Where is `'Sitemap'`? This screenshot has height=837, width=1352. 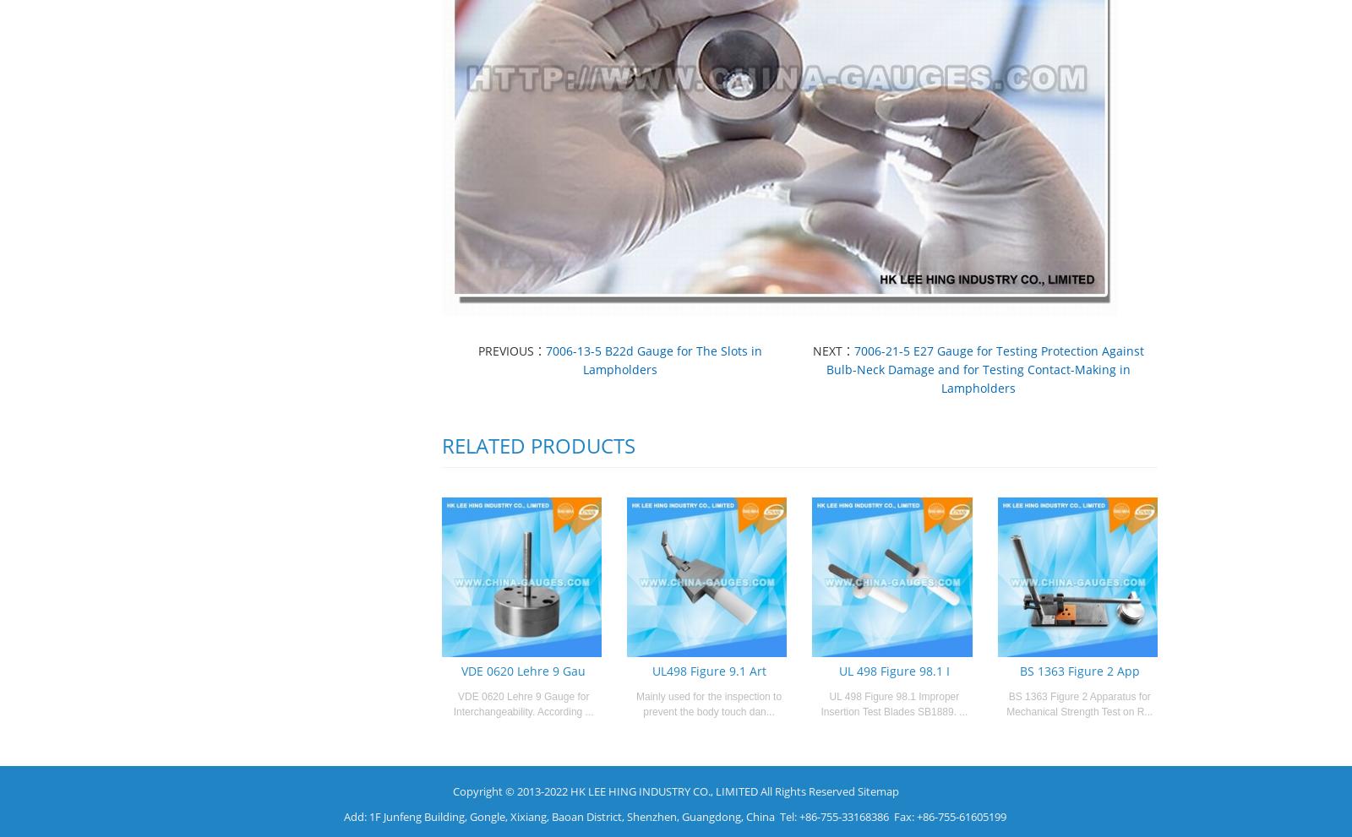
'Sitemap' is located at coordinates (878, 790).